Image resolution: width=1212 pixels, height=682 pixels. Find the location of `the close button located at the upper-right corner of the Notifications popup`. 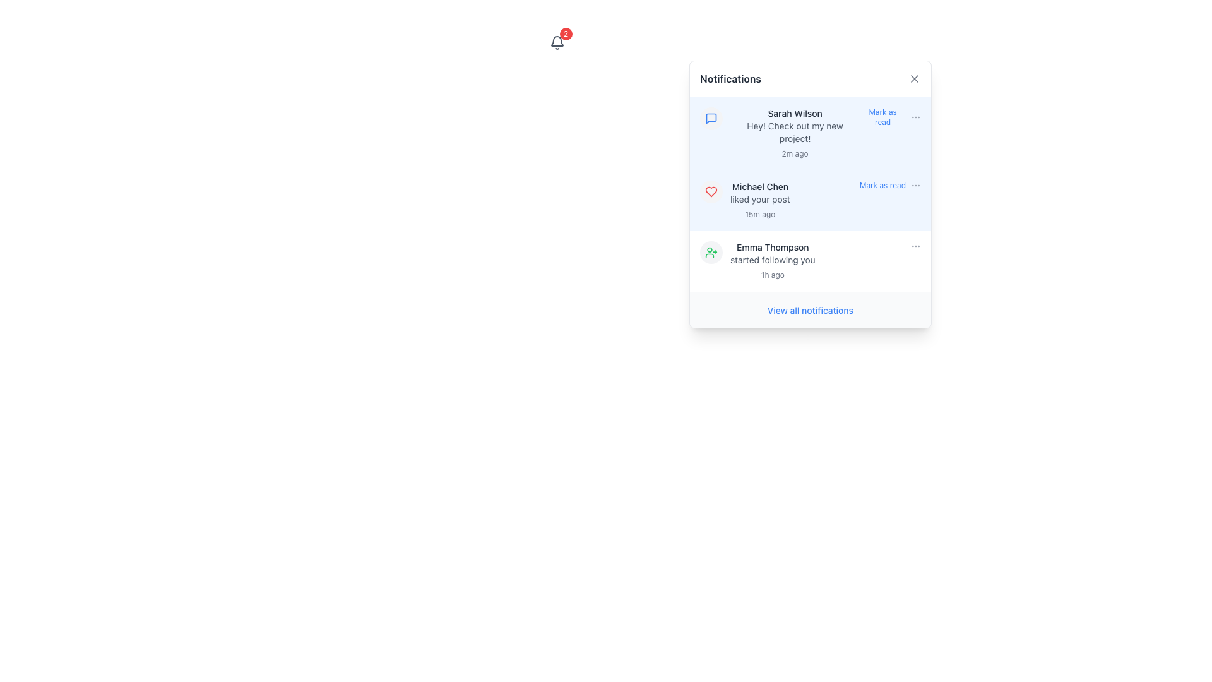

the close button located at the upper-right corner of the Notifications popup is located at coordinates (915, 78).